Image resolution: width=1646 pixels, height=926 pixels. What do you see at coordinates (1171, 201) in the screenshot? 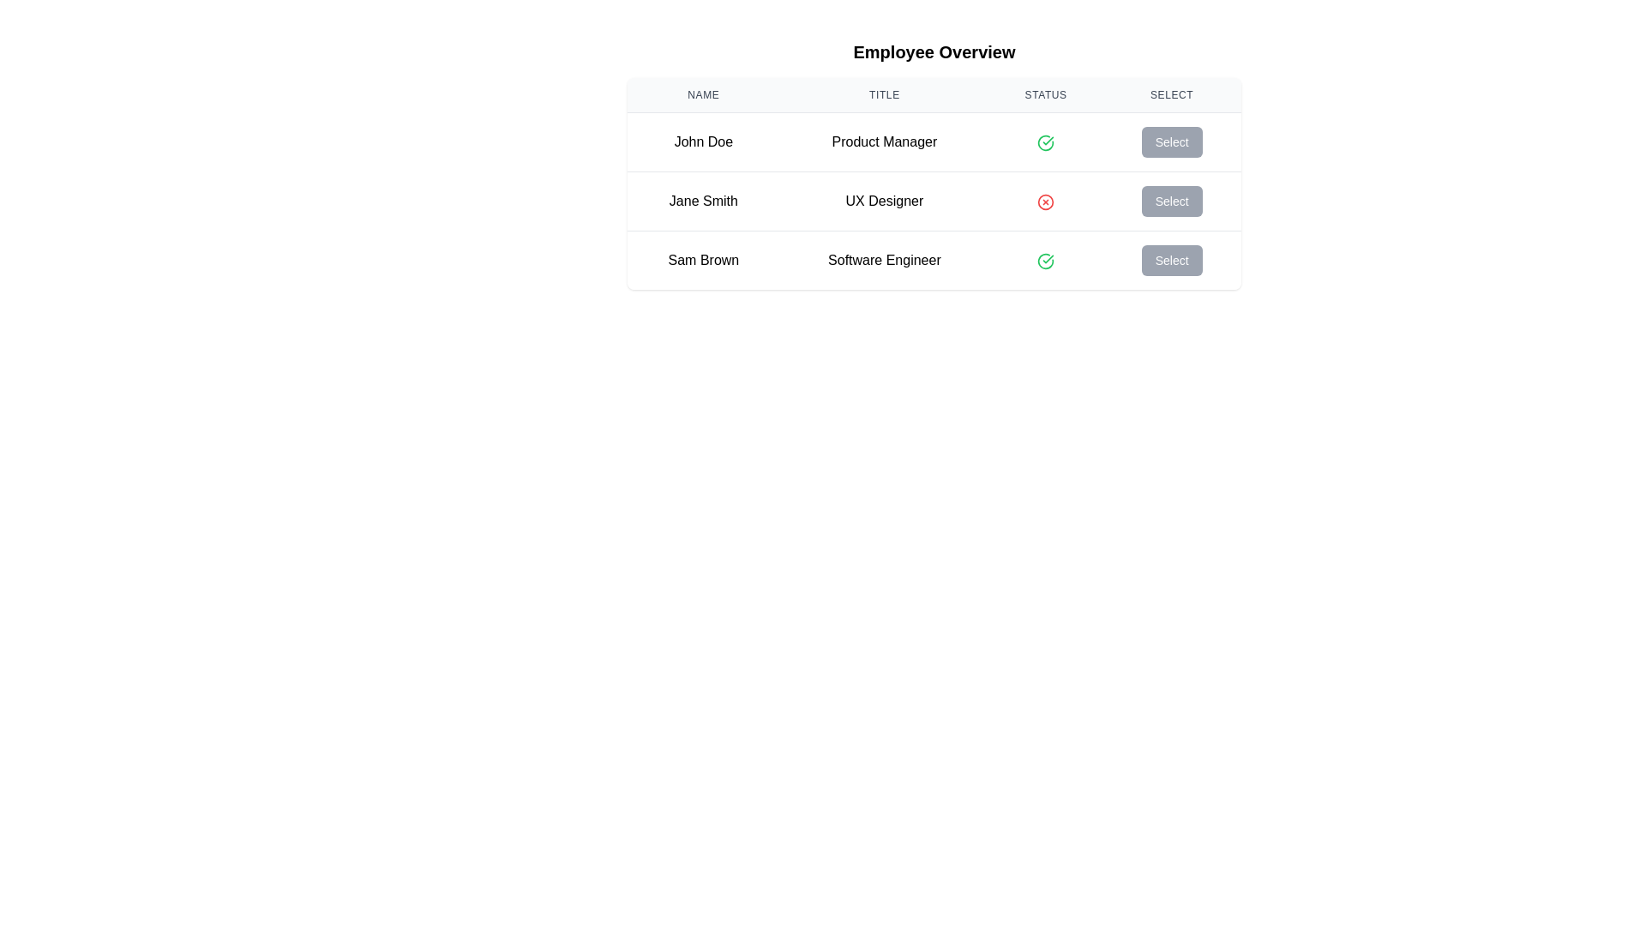
I see `the button in the 'SELECT' column of the second row associated with the 'UX Designer' title in the 'Employee Overview' table` at bounding box center [1171, 201].